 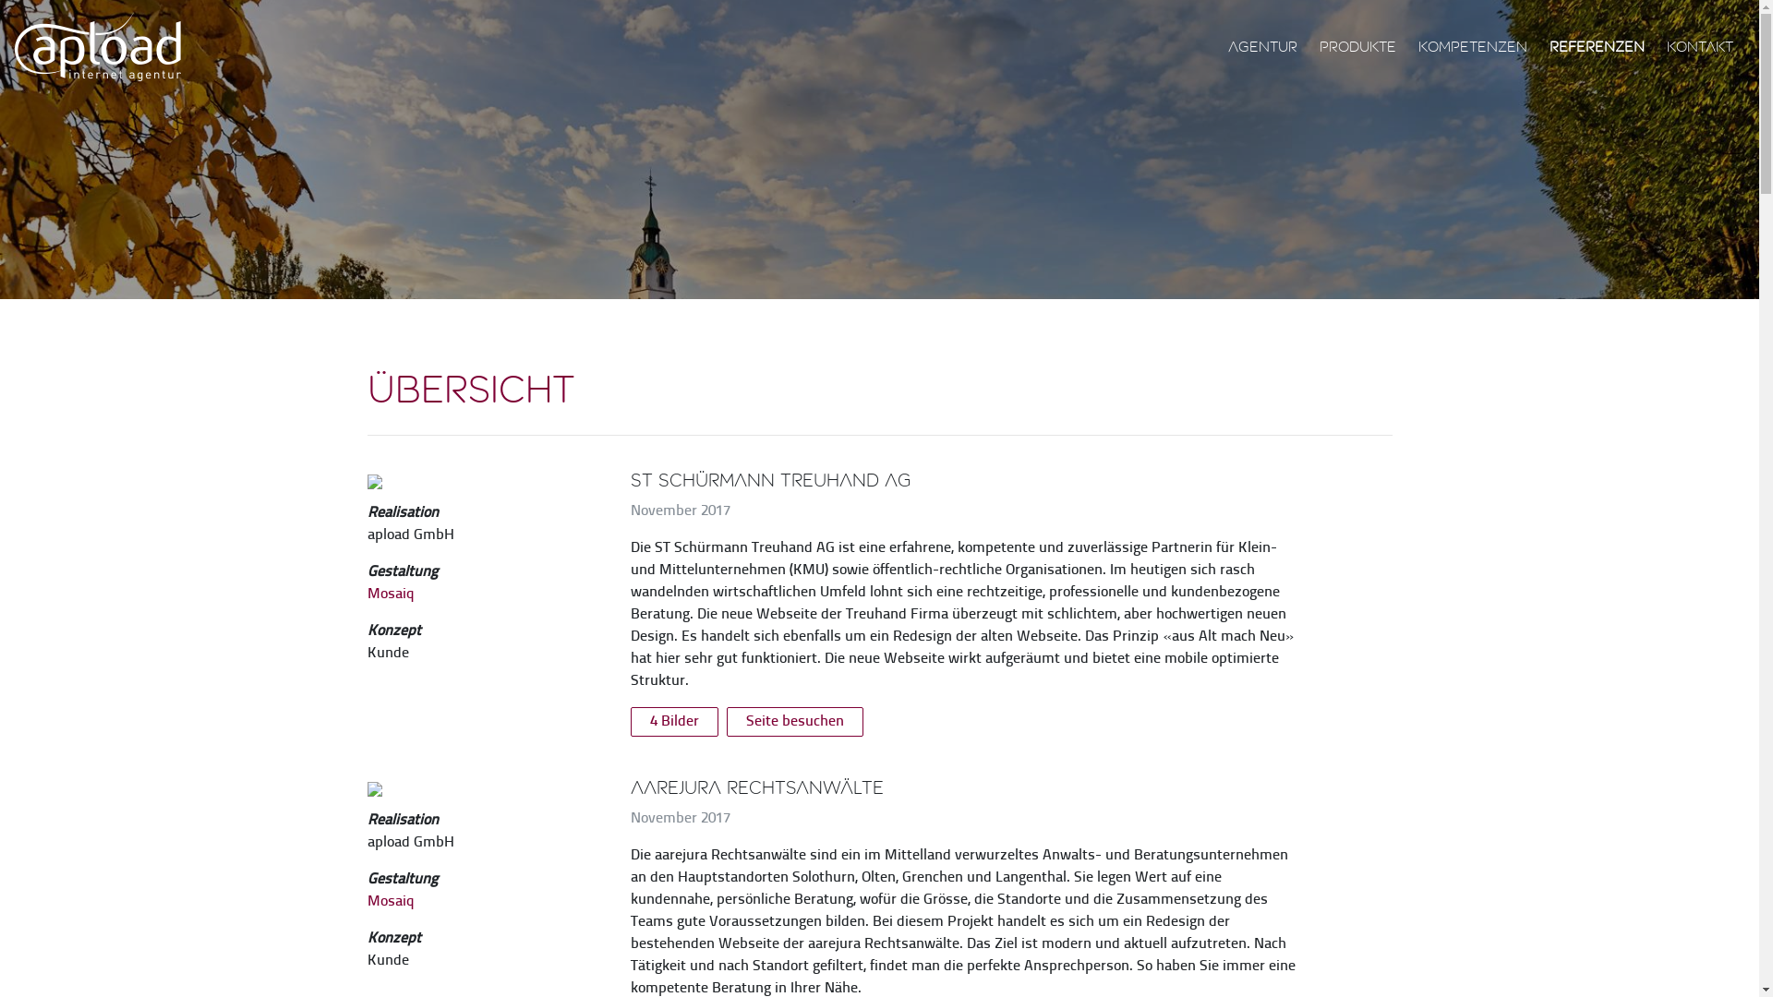 I want to click on 'Agentur', so click(x=1220, y=46).